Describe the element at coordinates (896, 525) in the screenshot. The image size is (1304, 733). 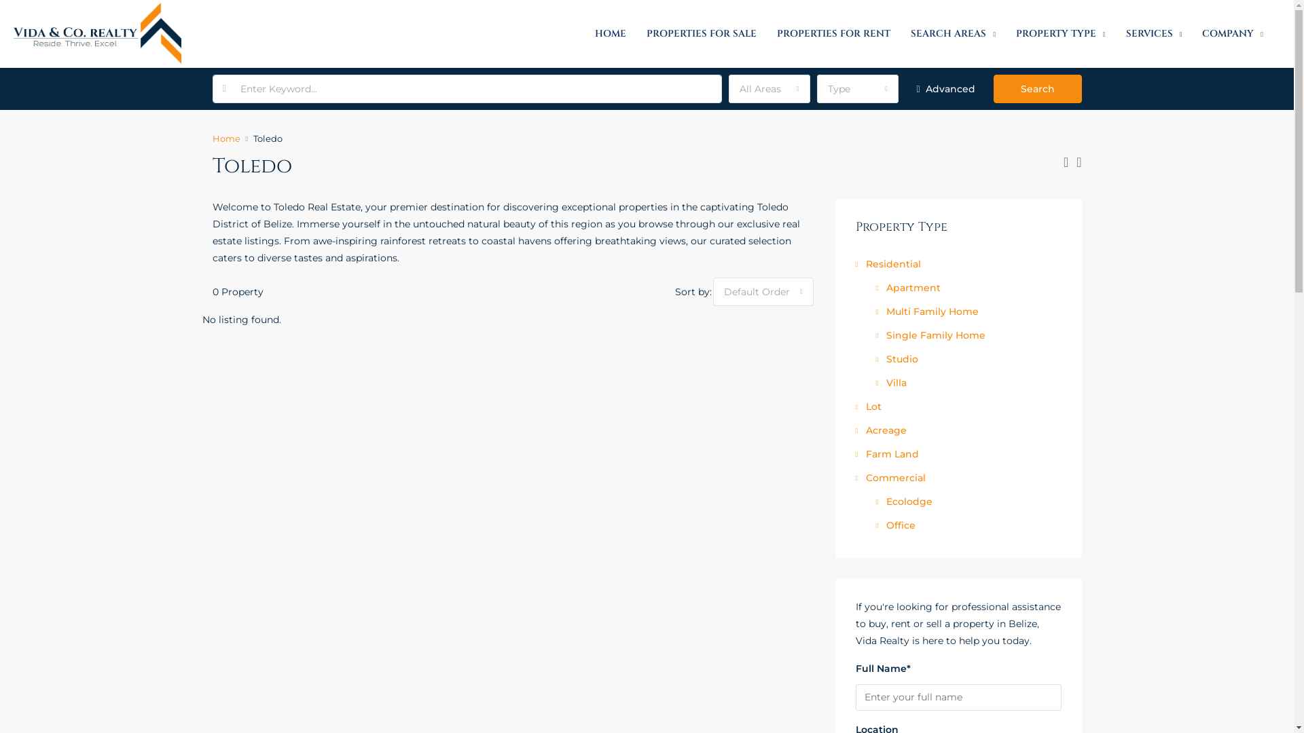
I see `'Office'` at that location.